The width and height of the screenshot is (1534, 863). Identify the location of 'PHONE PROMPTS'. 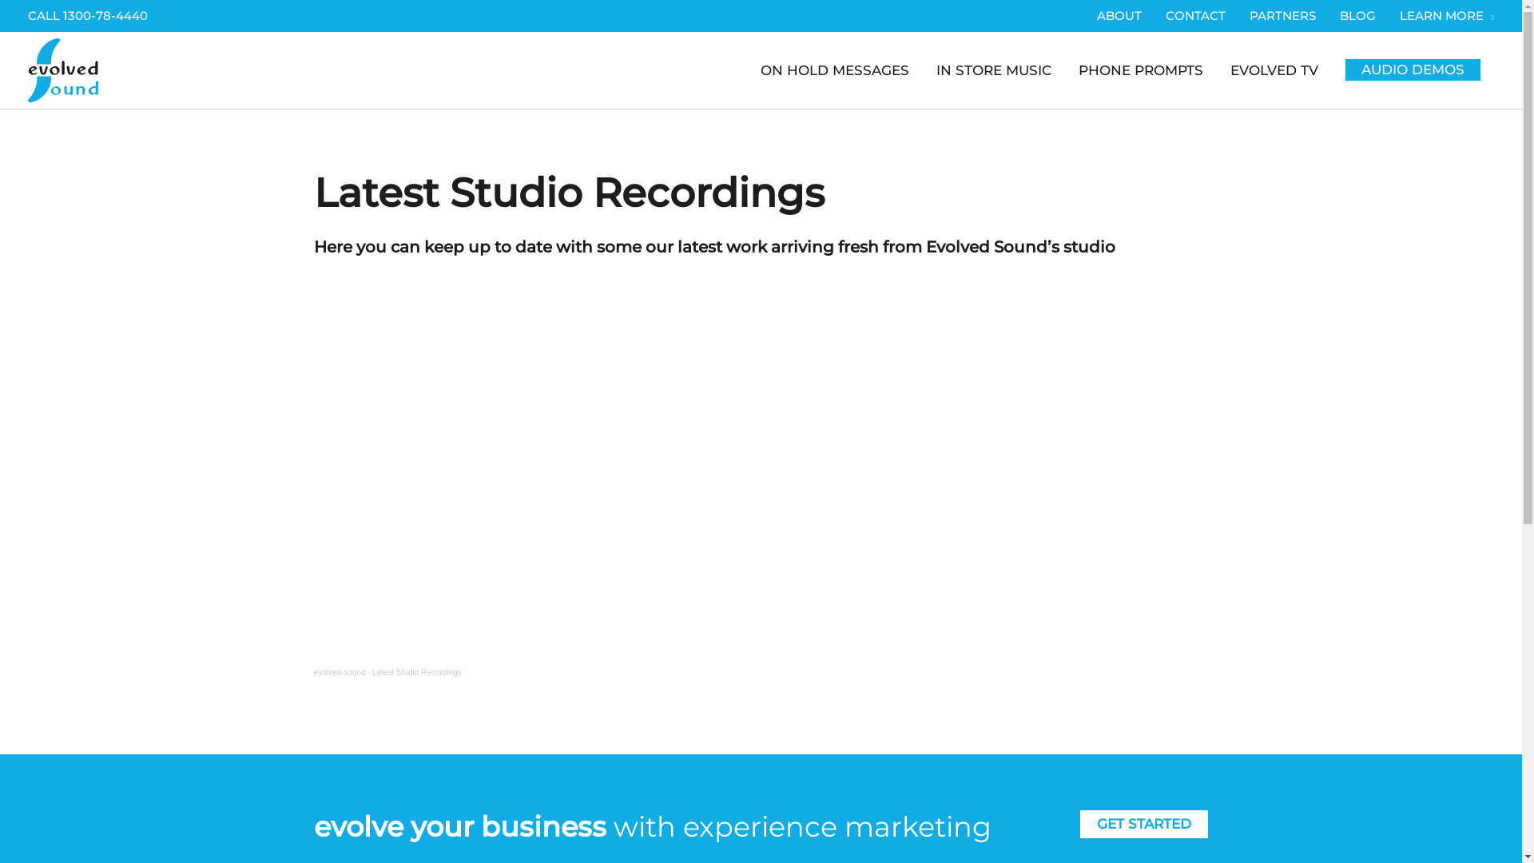
(1139, 70).